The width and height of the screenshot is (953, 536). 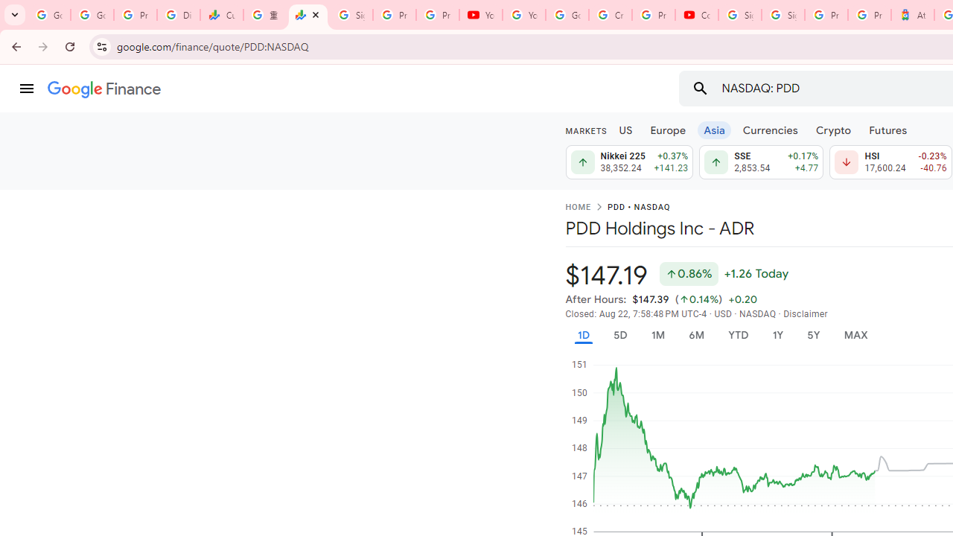 I want to click on '5Y', so click(x=812, y=335).